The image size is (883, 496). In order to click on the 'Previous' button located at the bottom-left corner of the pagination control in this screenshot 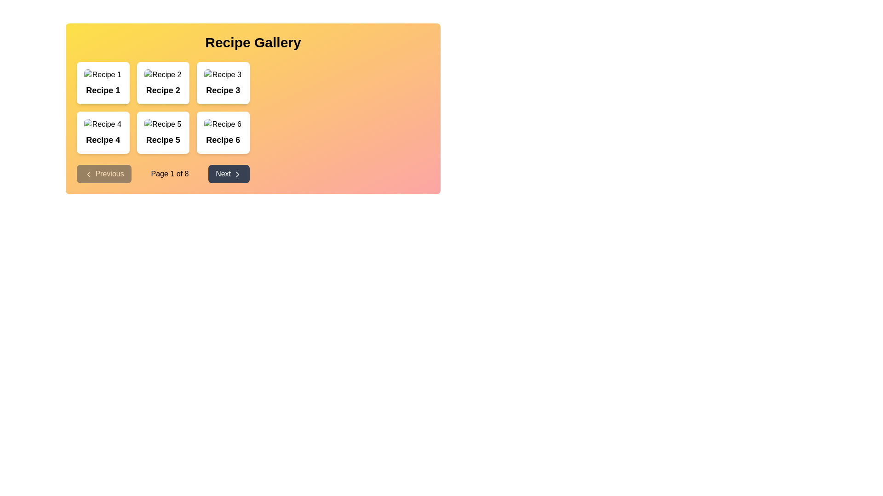, I will do `click(104, 174)`.